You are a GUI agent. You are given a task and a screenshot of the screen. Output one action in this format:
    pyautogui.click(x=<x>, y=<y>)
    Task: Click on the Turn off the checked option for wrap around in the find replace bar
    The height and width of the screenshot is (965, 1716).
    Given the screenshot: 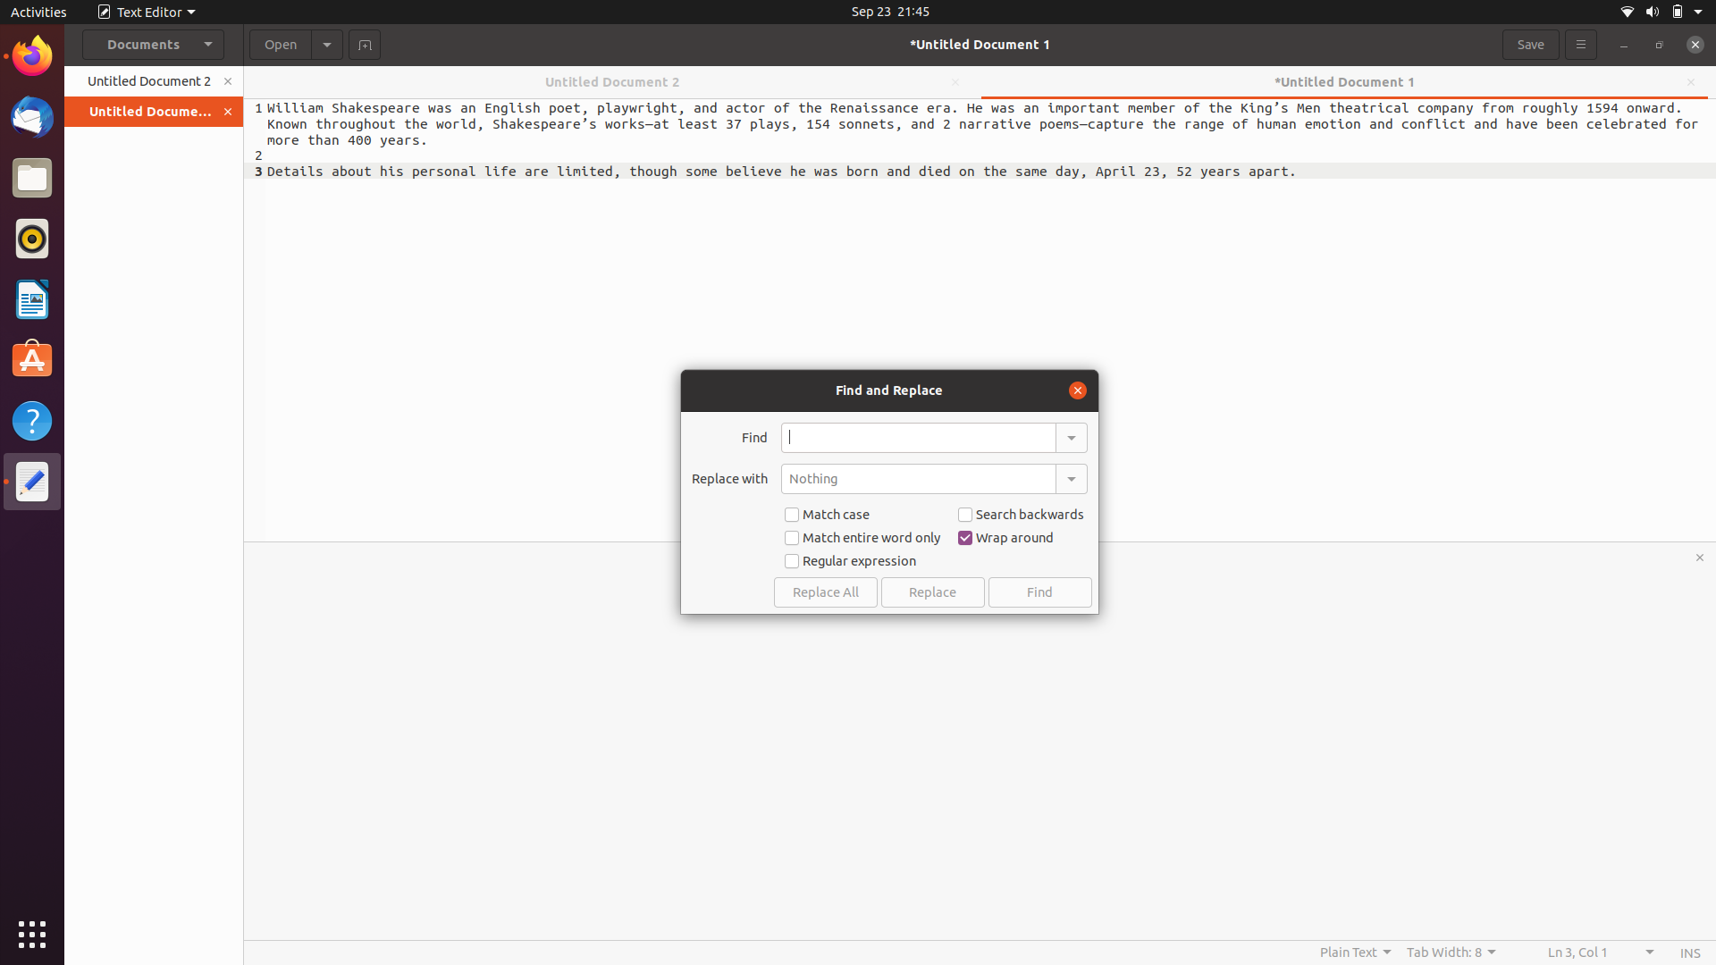 What is the action you would take?
    pyautogui.click(x=1007, y=537)
    